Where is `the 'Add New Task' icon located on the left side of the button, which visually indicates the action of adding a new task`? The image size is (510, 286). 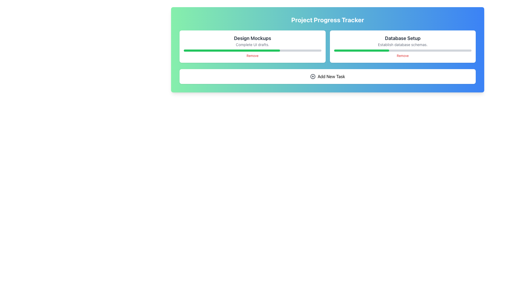
the 'Add New Task' icon located on the left side of the button, which visually indicates the action of adding a new task is located at coordinates (313, 77).